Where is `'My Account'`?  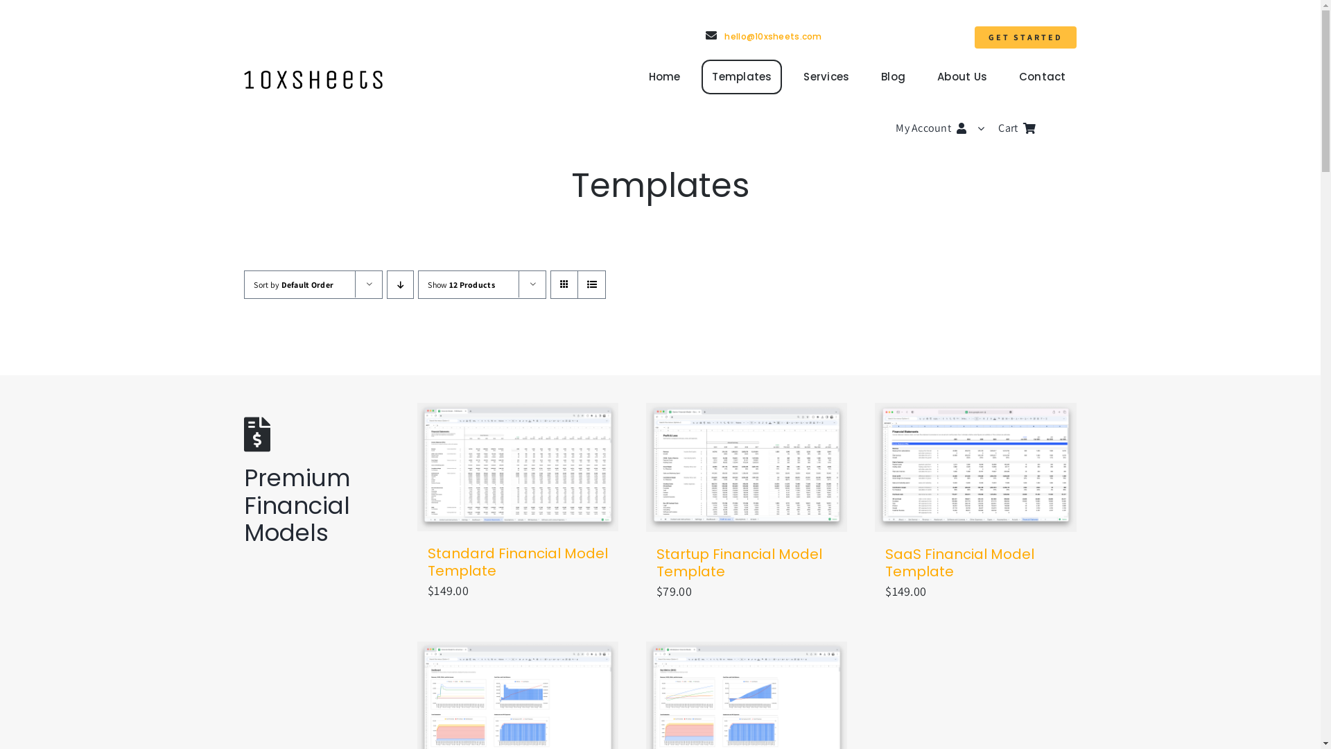
'My Account' is located at coordinates (946, 128).